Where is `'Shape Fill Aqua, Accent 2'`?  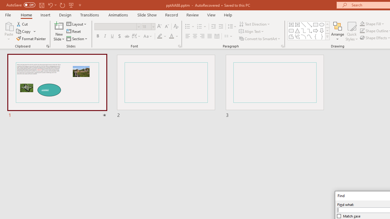 'Shape Fill Aqua, Accent 2' is located at coordinates (362, 23).